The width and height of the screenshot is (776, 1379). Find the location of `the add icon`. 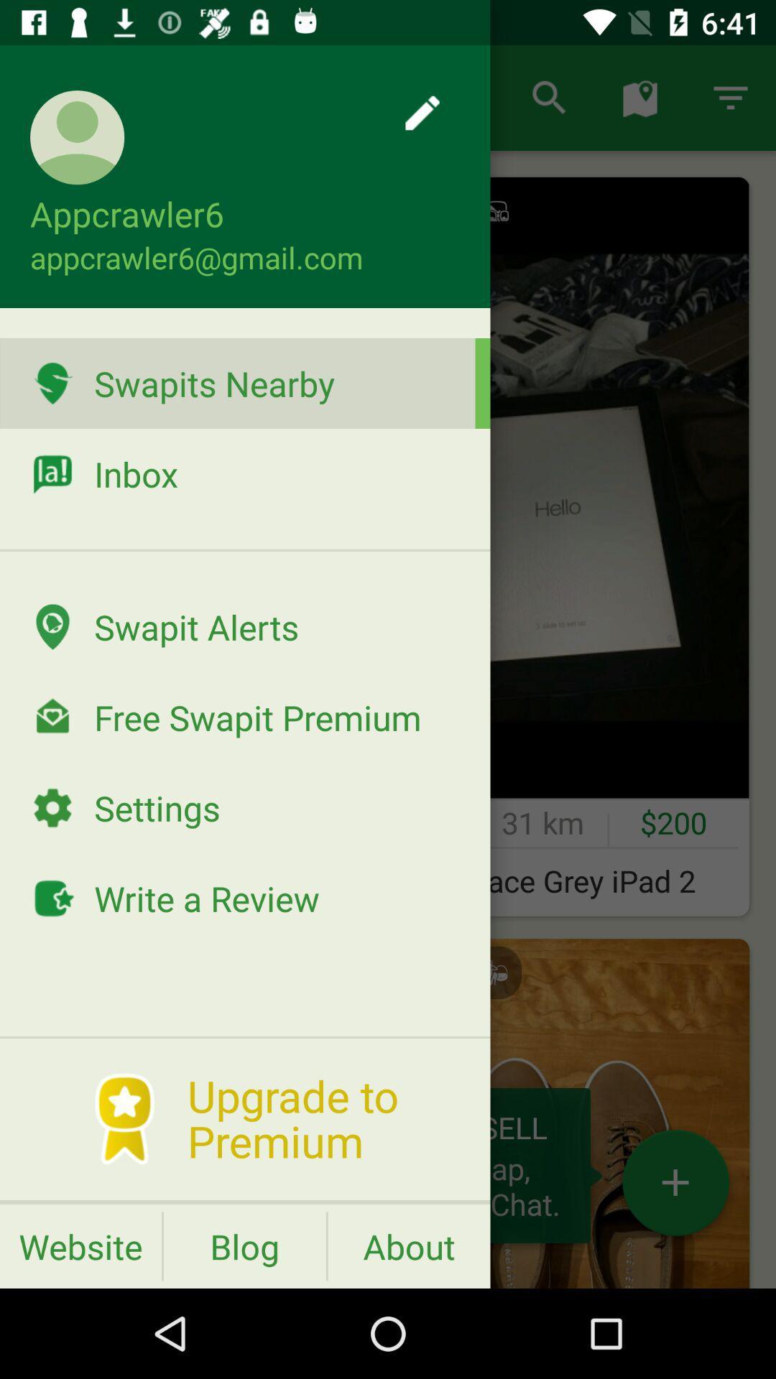

the add icon is located at coordinates (675, 1188).